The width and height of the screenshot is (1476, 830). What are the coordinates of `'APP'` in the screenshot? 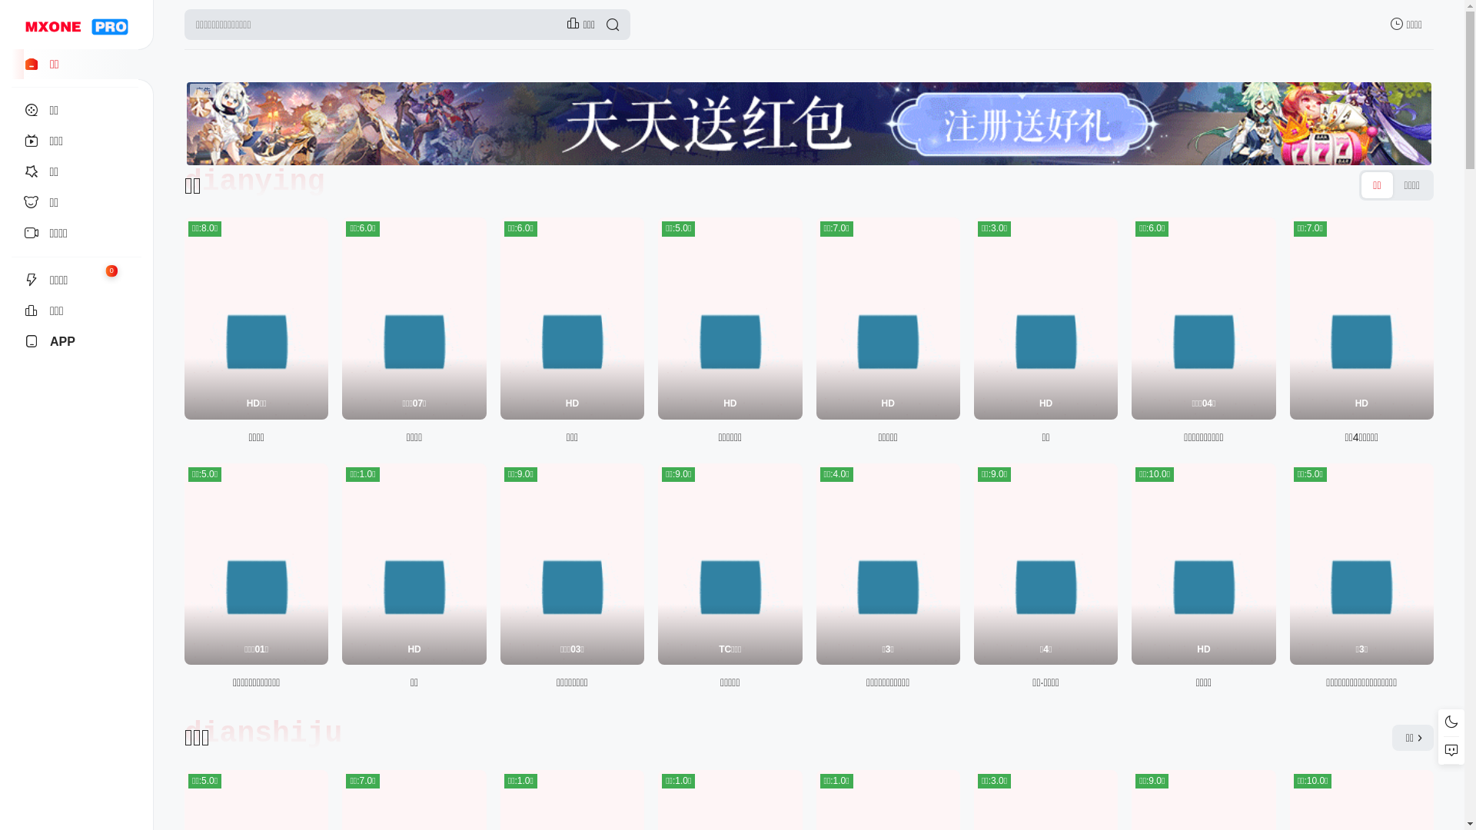 It's located at (75, 340).